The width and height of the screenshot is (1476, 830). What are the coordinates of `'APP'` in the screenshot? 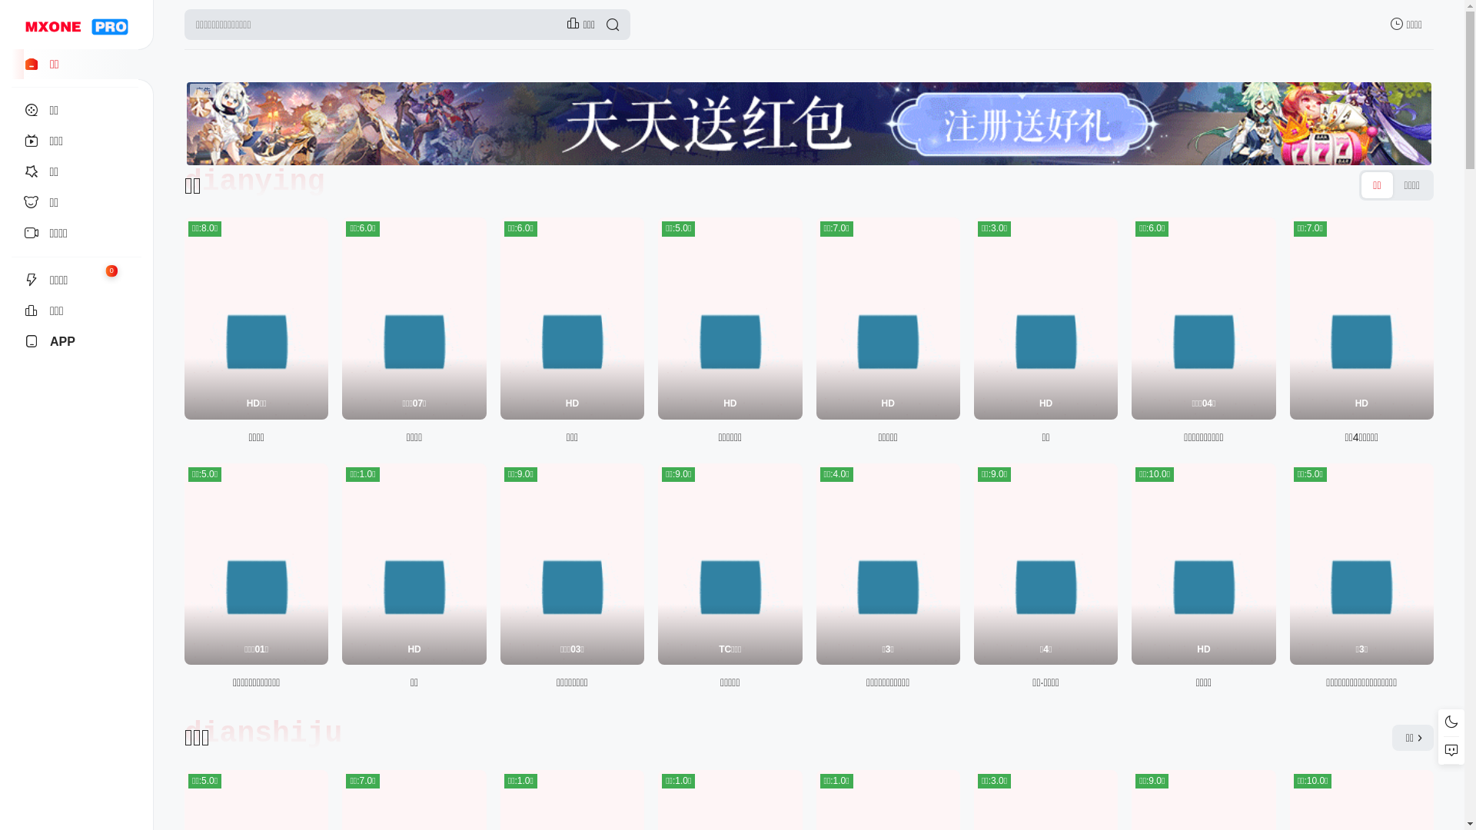 It's located at (75, 340).